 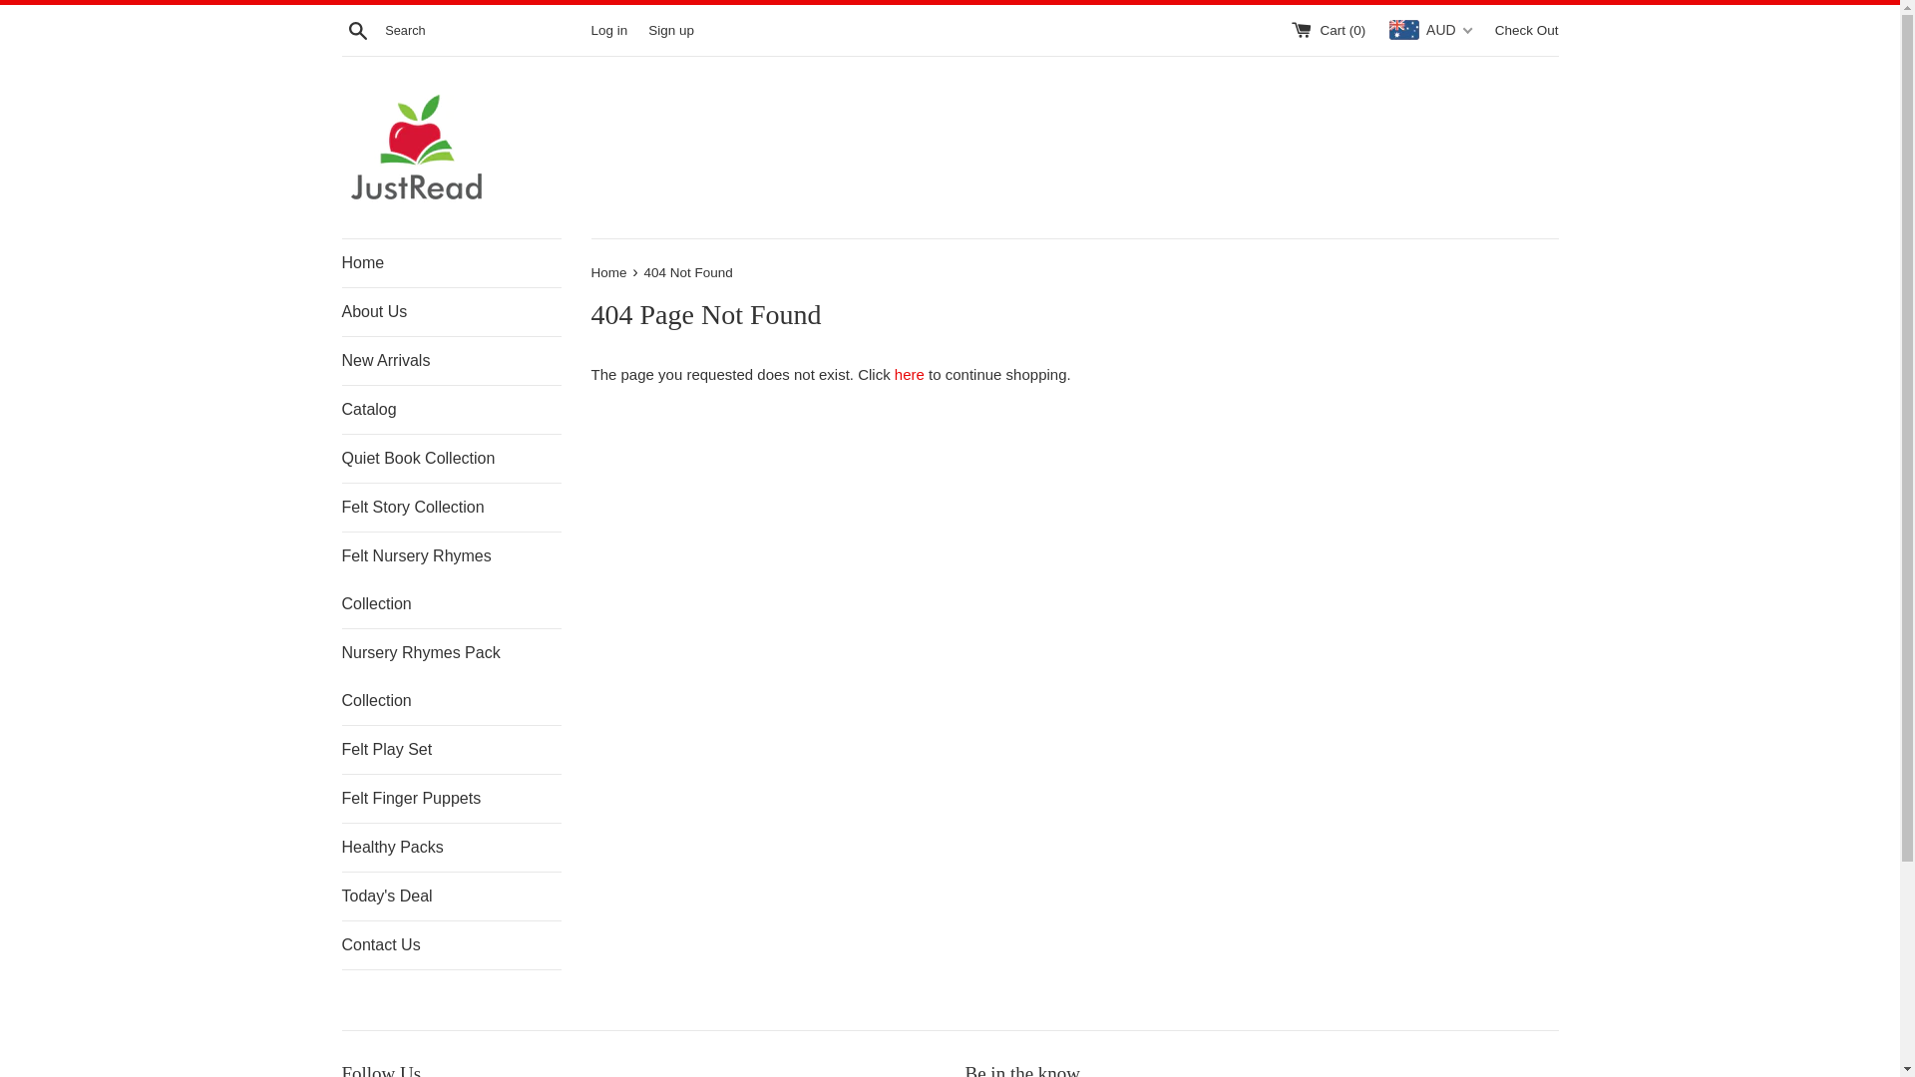 I want to click on 'New Arrivals', so click(x=449, y=361).